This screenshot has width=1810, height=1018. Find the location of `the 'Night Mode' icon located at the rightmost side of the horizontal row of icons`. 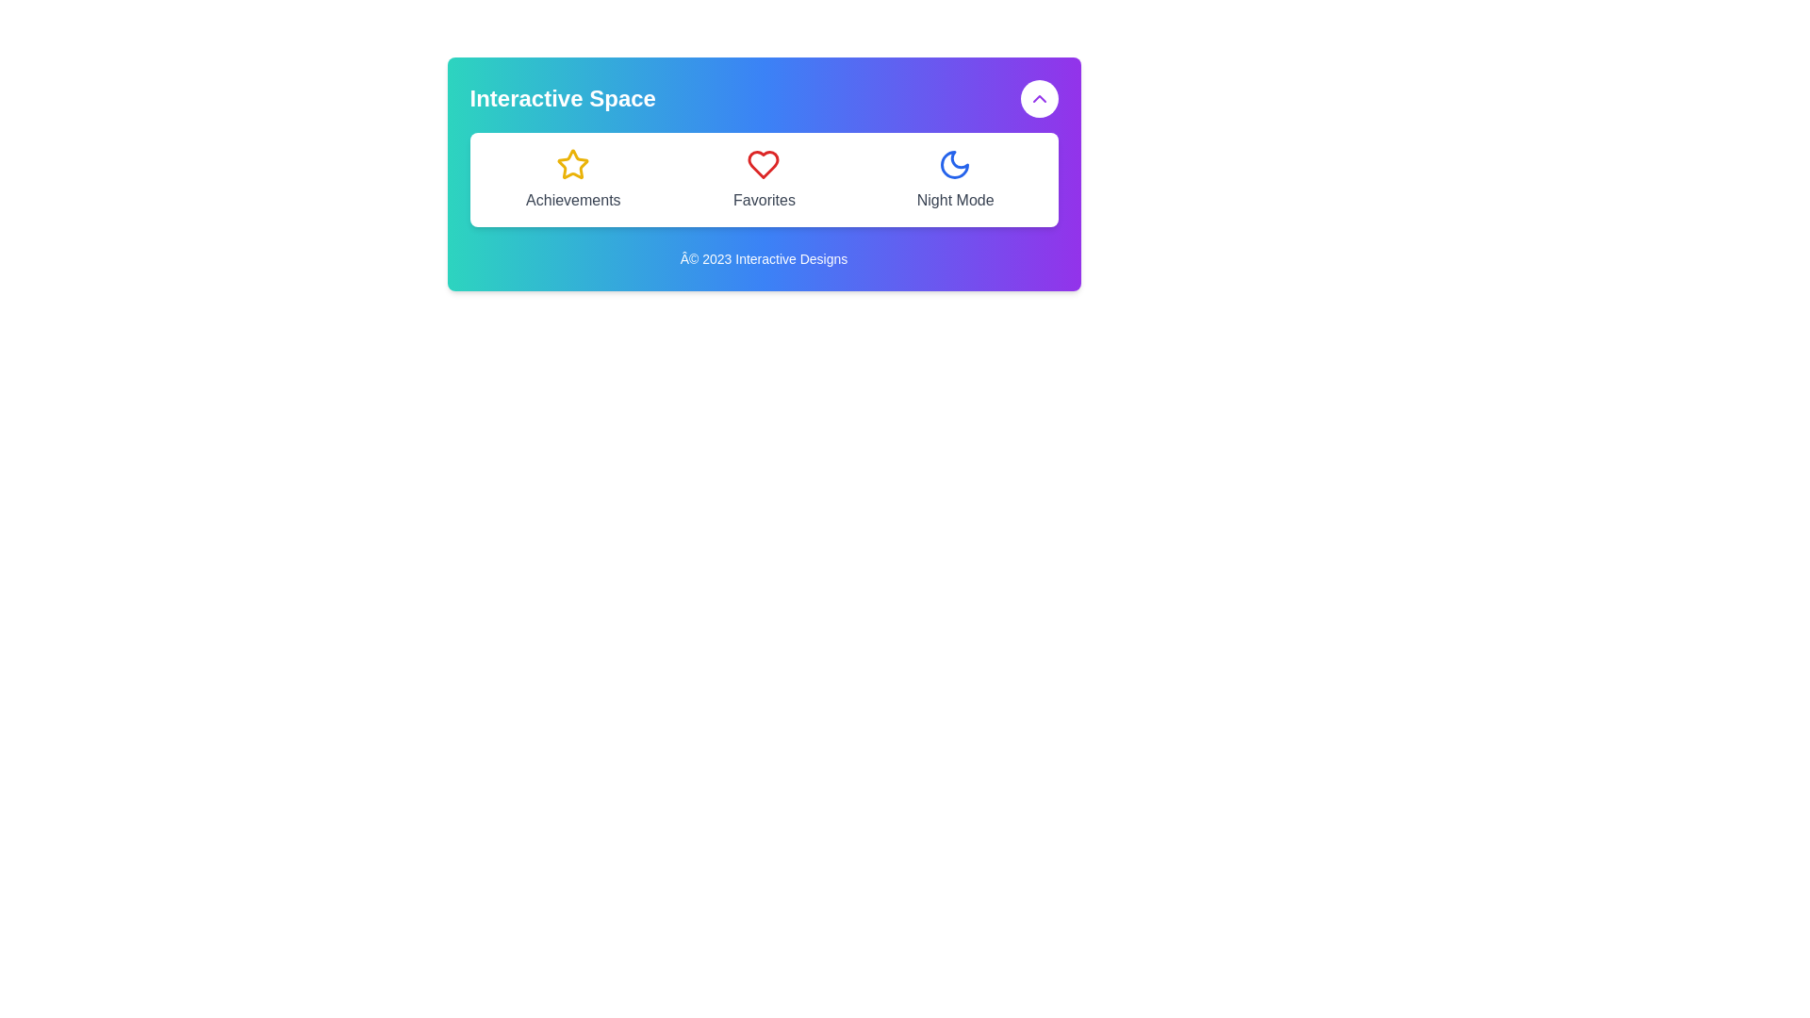

the 'Night Mode' icon located at the rightmost side of the horizontal row of icons is located at coordinates (955, 163).